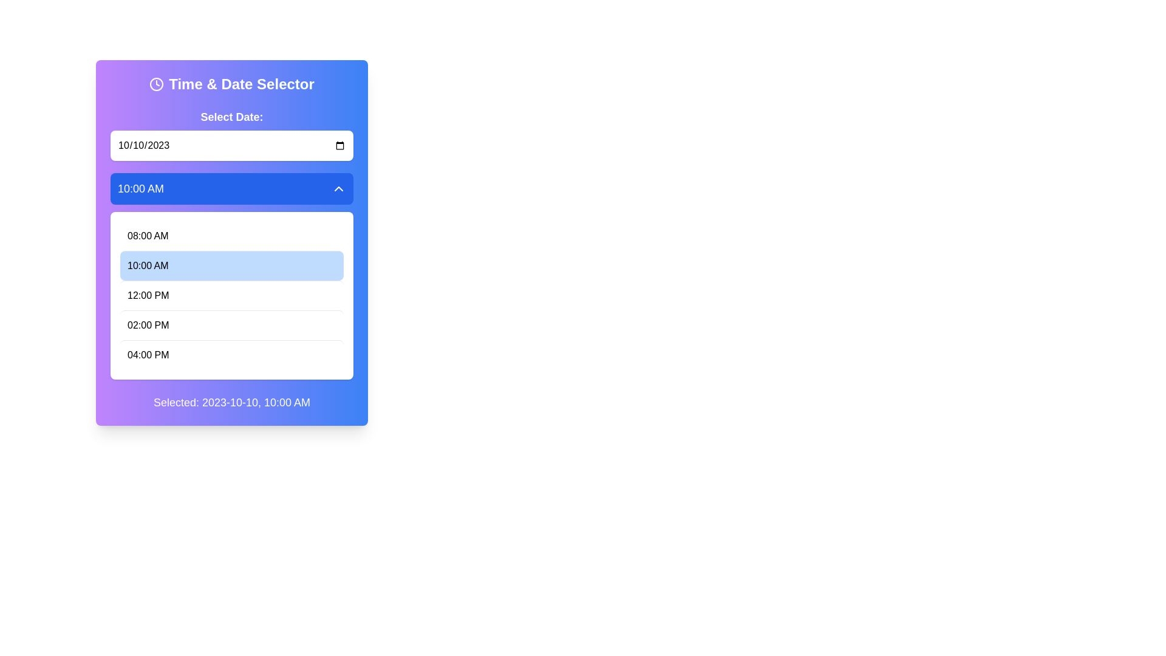  What do you see at coordinates (140, 189) in the screenshot?
I see `the static text display showing '10:00 AM' in white font against a blue background within the 'Select Date' dropdown` at bounding box center [140, 189].